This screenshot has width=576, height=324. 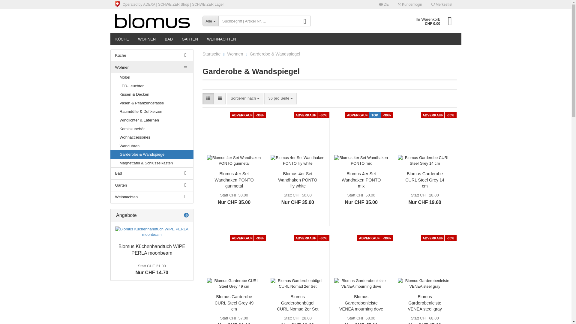 I want to click on 'Alle', so click(x=210, y=20).